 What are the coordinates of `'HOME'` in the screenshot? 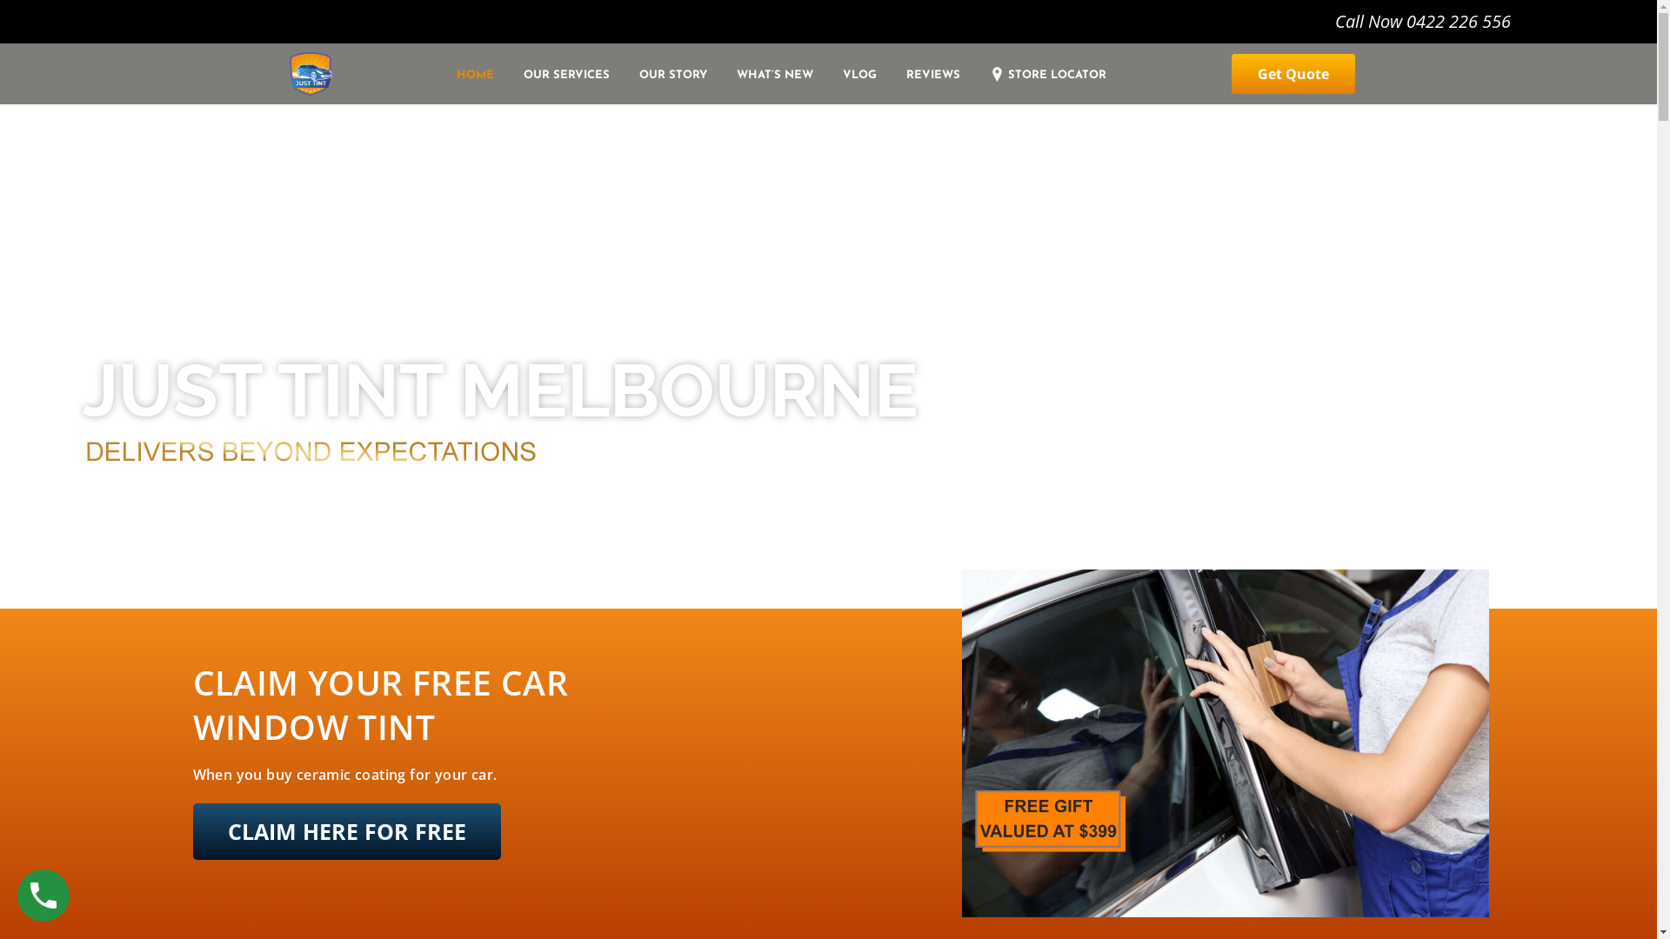 It's located at (483, 75).